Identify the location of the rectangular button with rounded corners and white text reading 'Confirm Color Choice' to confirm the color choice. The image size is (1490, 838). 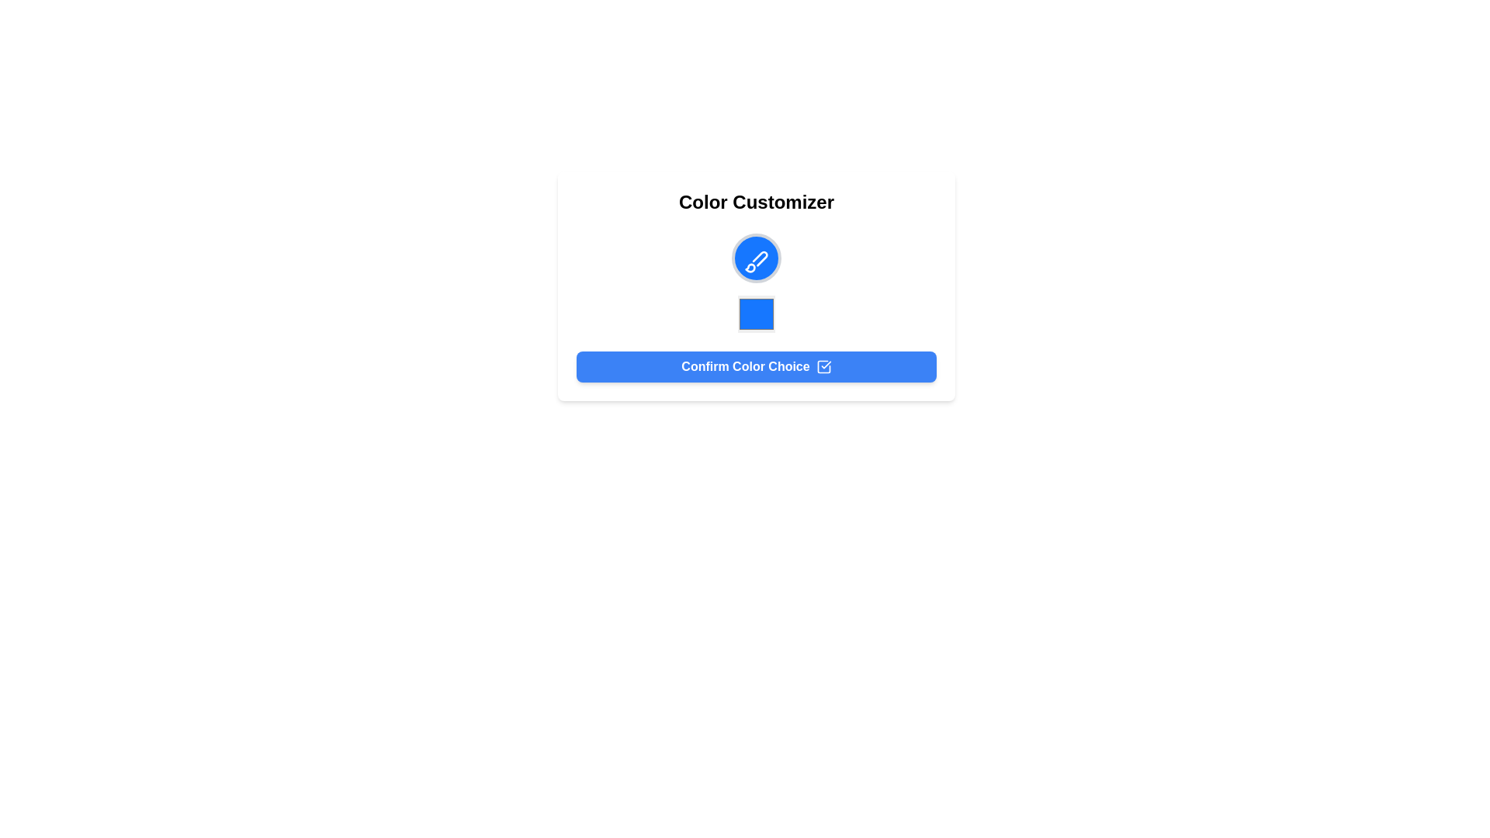
(756, 367).